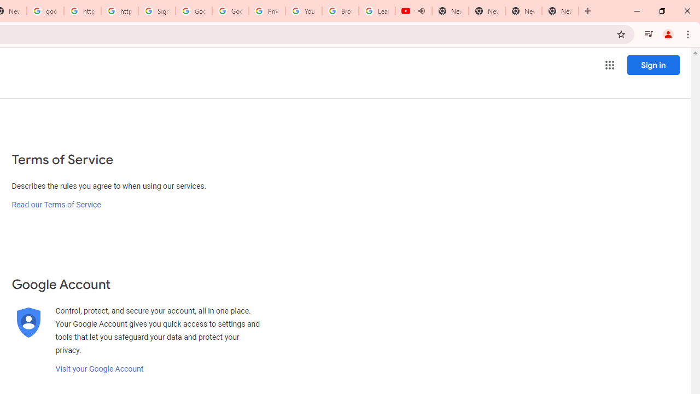  Describe the element at coordinates (609, 65) in the screenshot. I see `'Google apps'` at that location.